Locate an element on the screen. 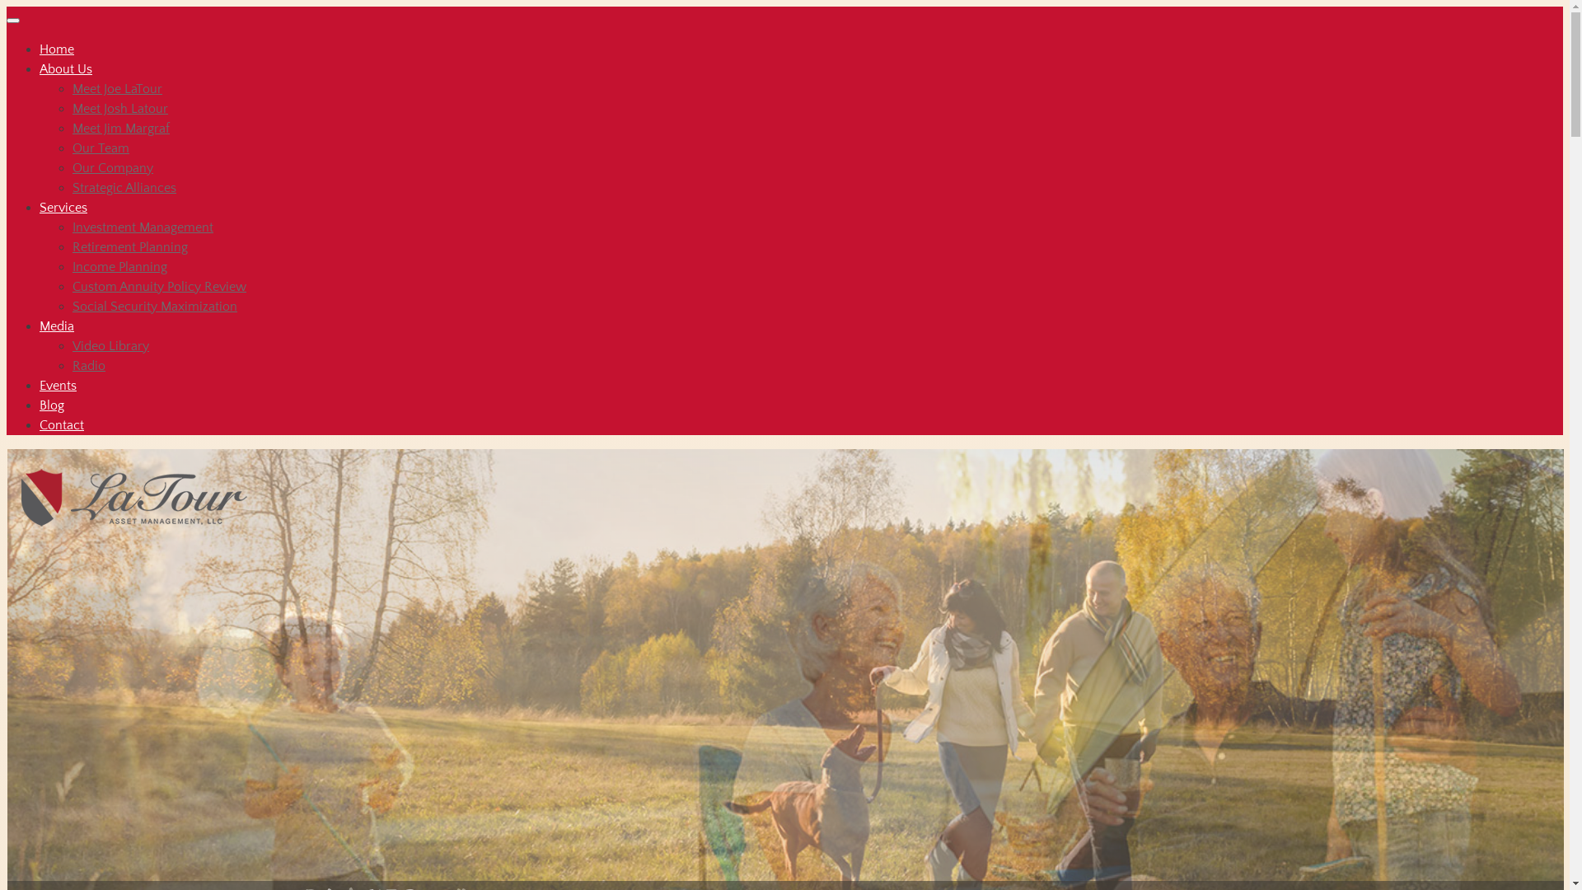  'Services' is located at coordinates (63, 206).